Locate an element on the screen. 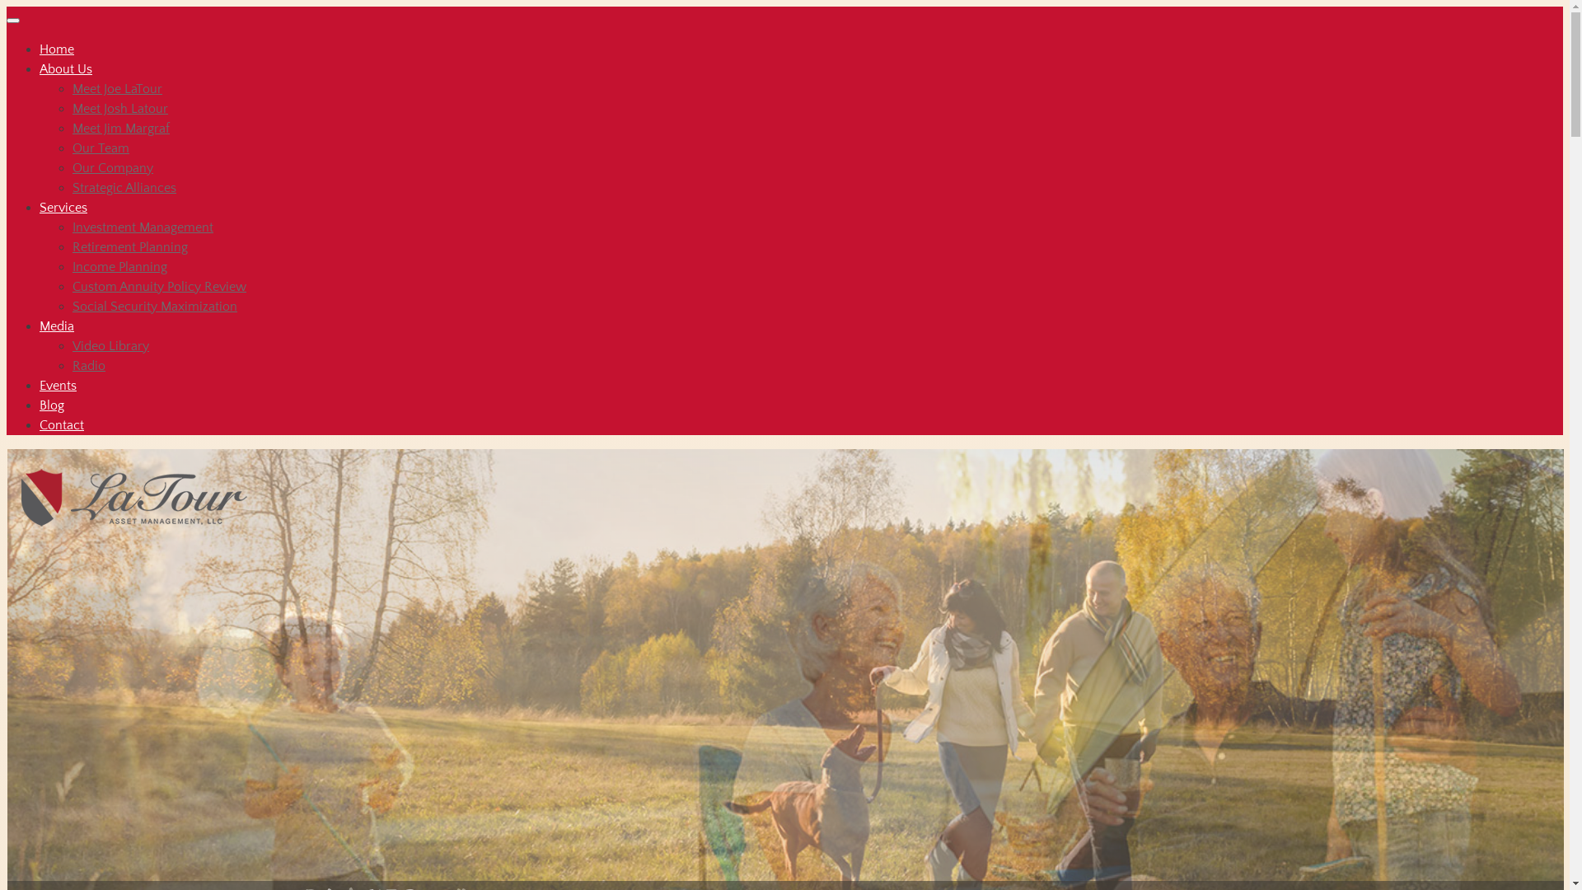  'Services' is located at coordinates (63, 206).